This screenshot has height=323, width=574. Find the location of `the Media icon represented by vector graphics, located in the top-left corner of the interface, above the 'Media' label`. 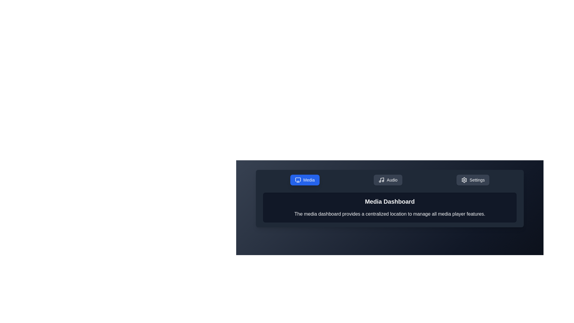

the Media icon represented by vector graphics, located in the top-left corner of the interface, above the 'Media' label is located at coordinates (298, 179).